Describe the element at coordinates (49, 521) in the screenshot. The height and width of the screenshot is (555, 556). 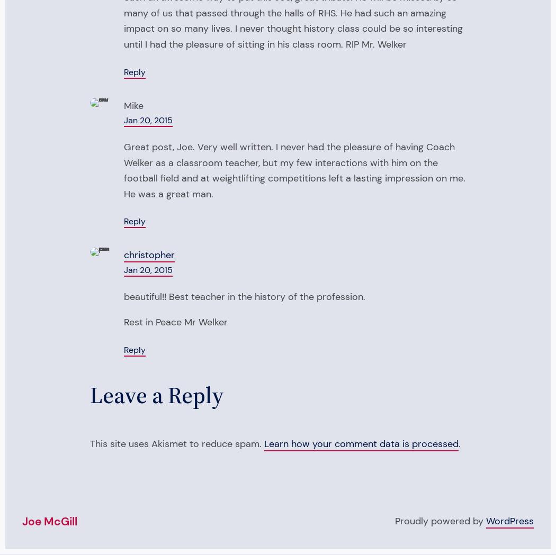
I see `'Joe McGill'` at that location.